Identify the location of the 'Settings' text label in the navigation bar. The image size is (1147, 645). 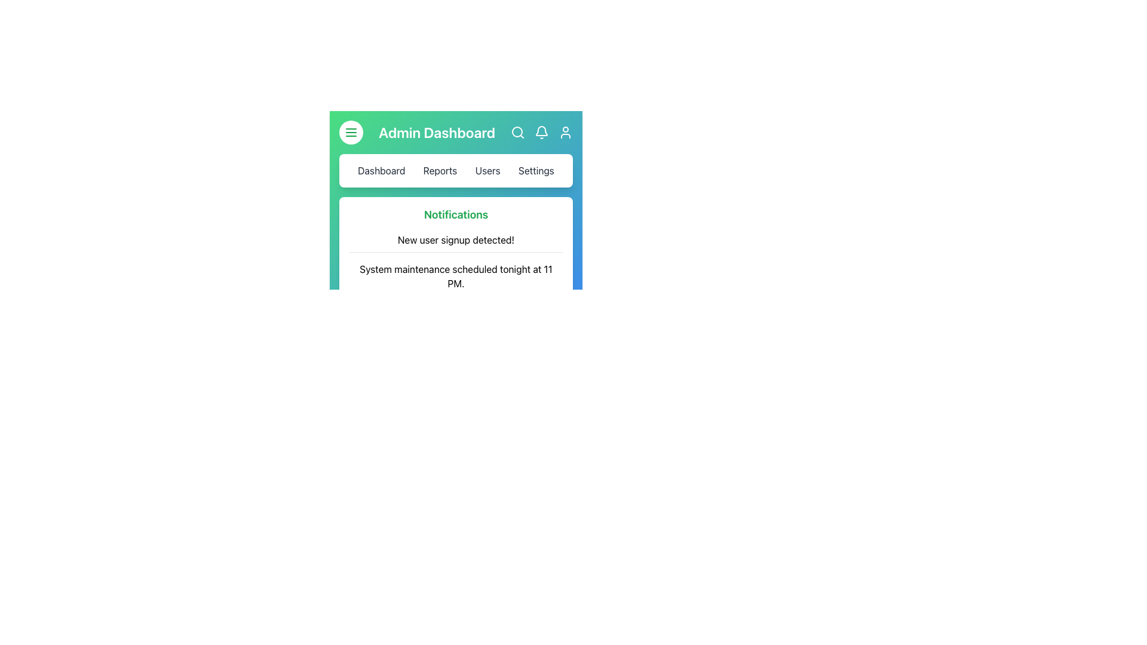
(535, 170).